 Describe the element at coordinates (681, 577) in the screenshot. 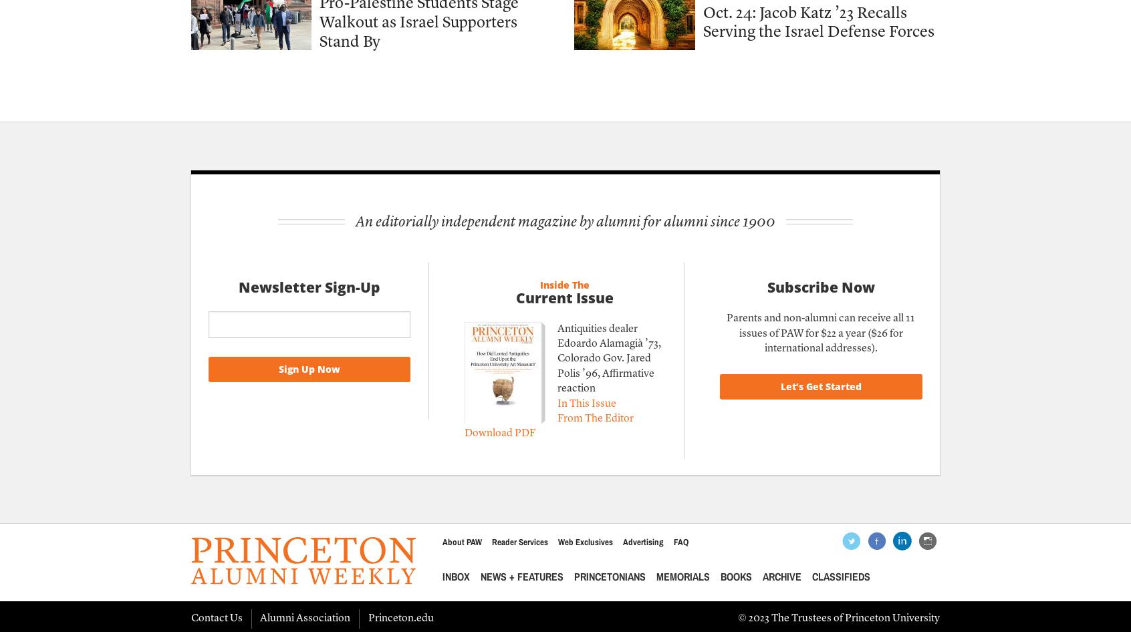

I see `'Memorials'` at that location.